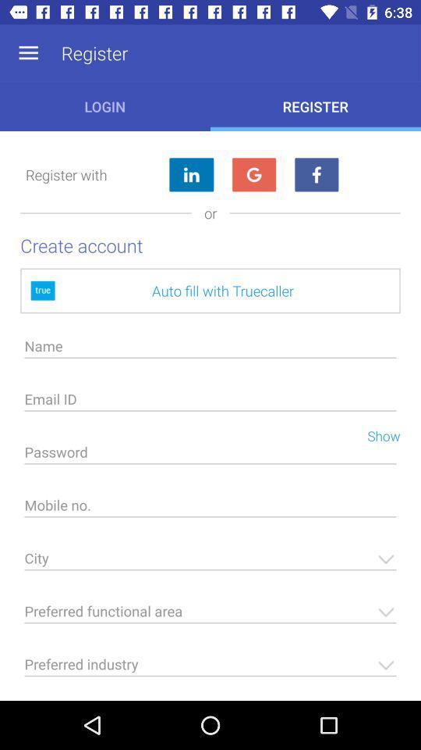 Image resolution: width=421 pixels, height=750 pixels. I want to click on show options for selected field, so click(210, 616).